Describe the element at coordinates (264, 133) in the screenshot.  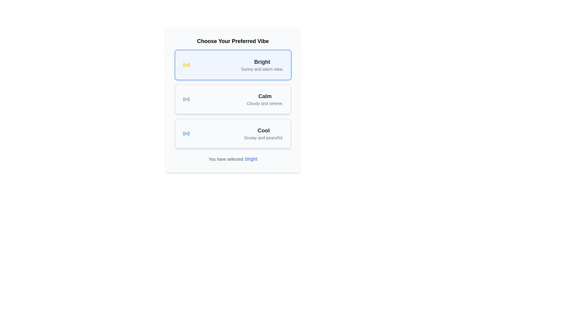
I see `the static label for the selectable option named 'Cool'` at that location.